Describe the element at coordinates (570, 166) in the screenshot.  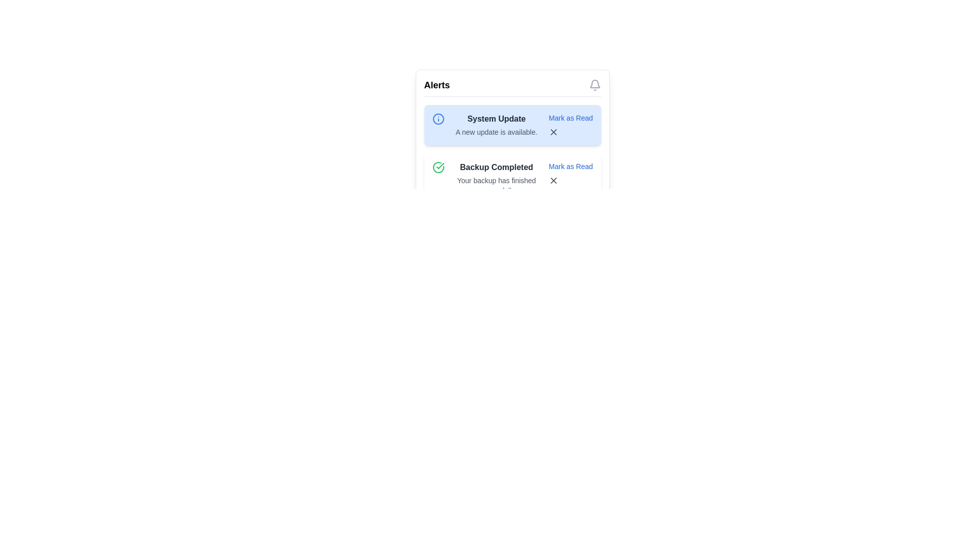
I see `the text button labeled 'Mark as Read' associated with the notification 'Backup Completed'` at that location.